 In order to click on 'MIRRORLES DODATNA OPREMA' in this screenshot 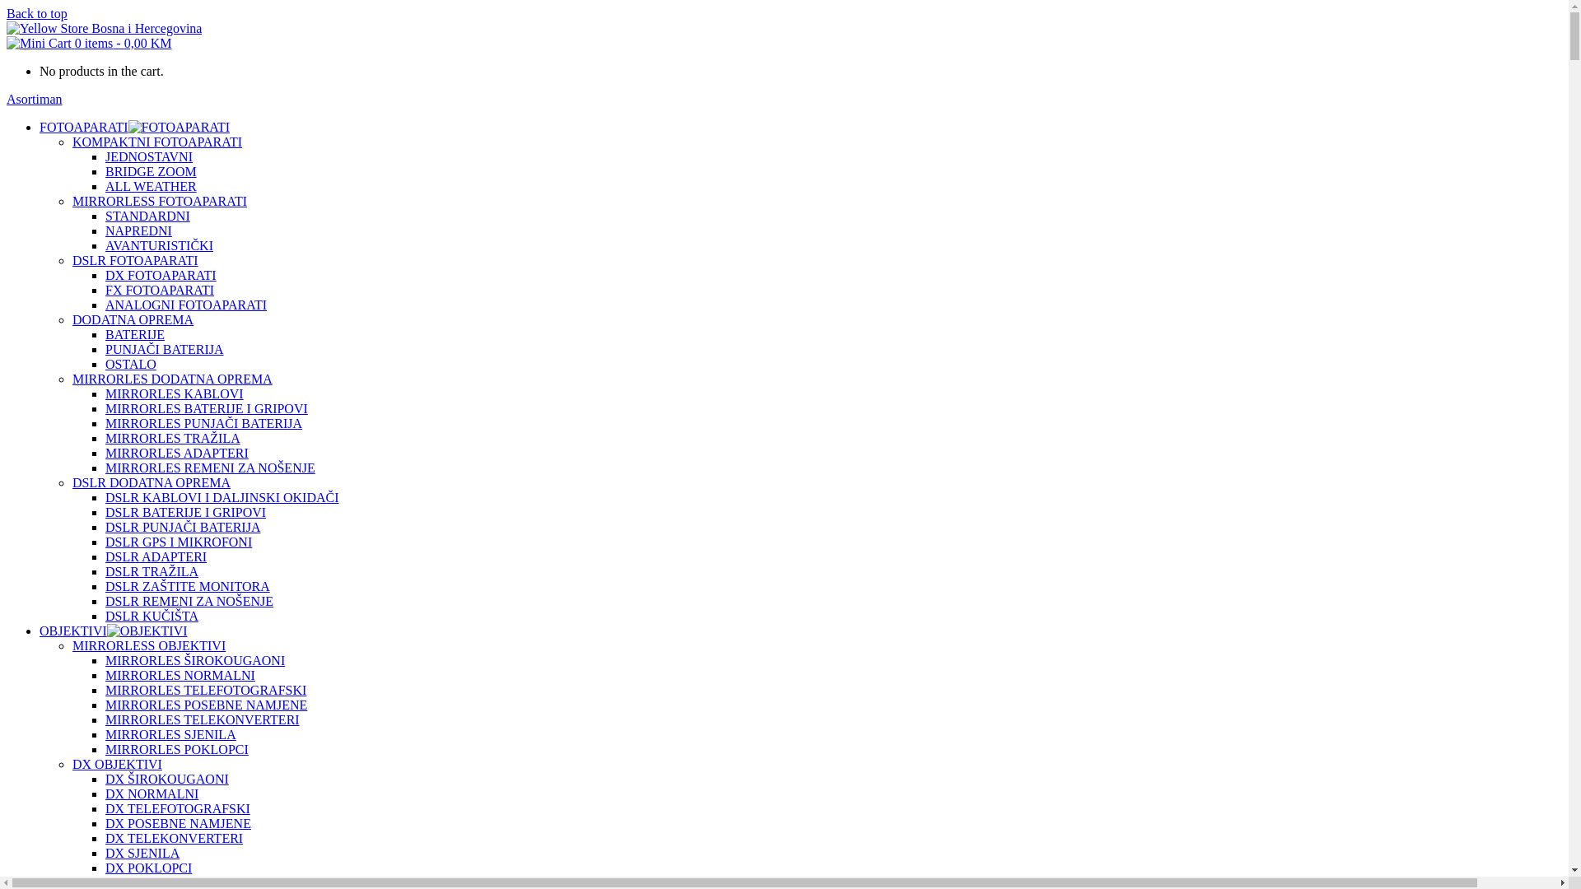, I will do `click(172, 379)`.